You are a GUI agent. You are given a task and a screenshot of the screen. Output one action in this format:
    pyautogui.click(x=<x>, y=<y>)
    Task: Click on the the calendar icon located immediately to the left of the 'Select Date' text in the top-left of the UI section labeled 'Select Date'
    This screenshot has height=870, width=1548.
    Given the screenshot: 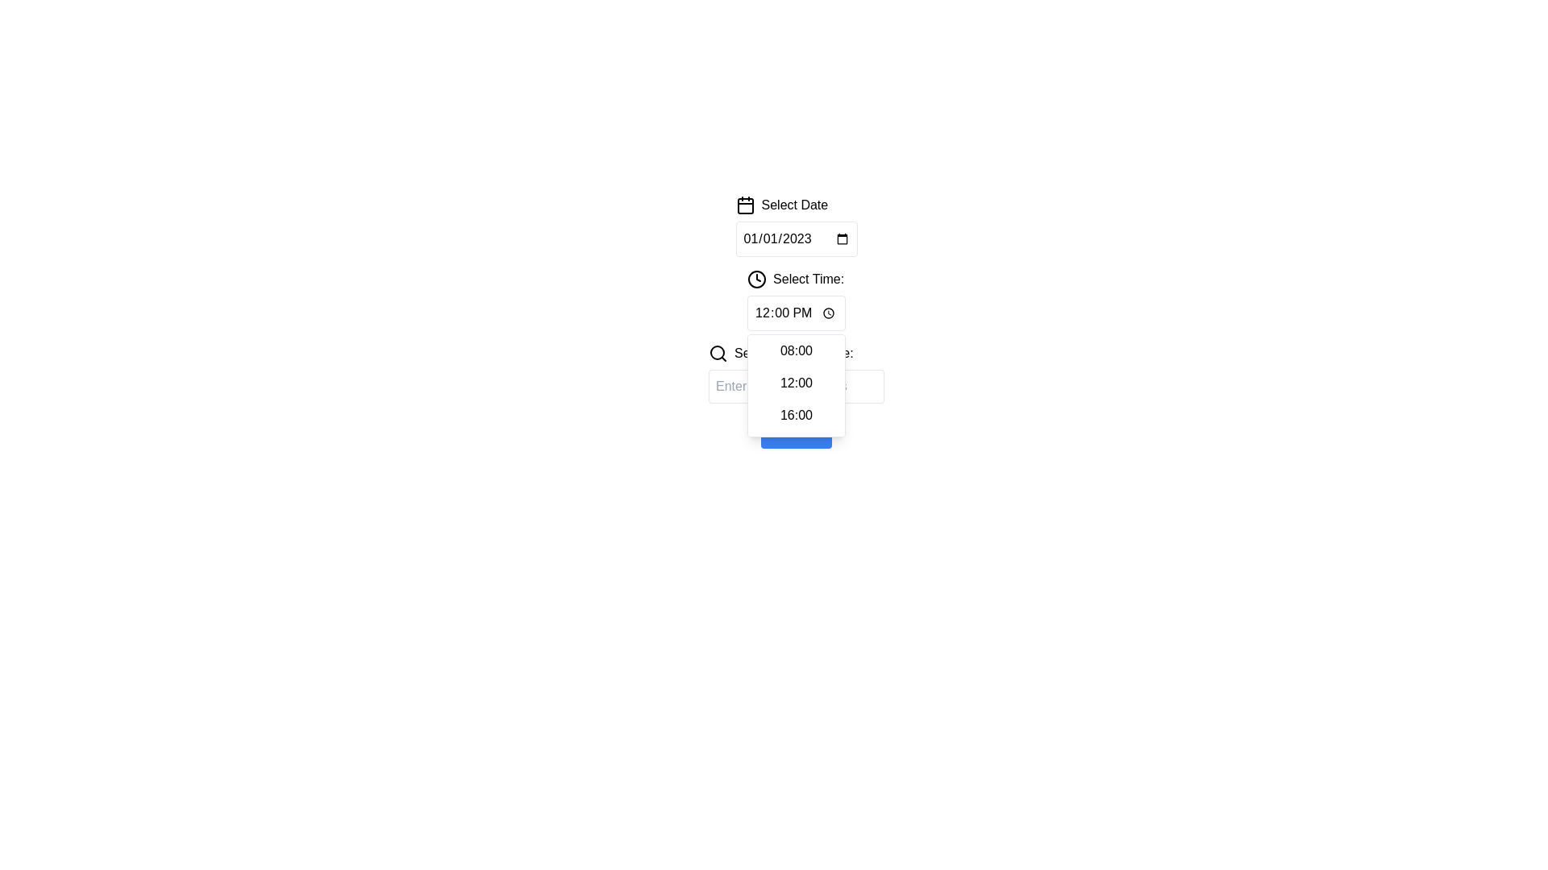 What is the action you would take?
    pyautogui.click(x=744, y=204)
    